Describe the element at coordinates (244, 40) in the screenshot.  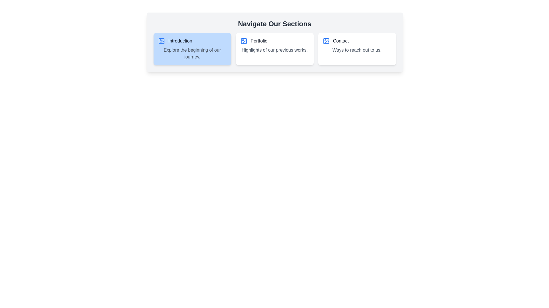
I see `the 'Portfolio' icon located within the second card element of the main section of the webpage, positioned to the left of the 'Portfolio' text label for context clues` at that location.